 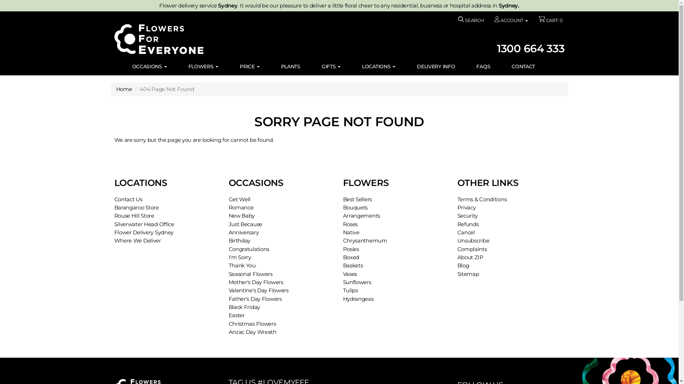 What do you see at coordinates (357, 282) in the screenshot?
I see `'Sunflowers'` at bounding box center [357, 282].